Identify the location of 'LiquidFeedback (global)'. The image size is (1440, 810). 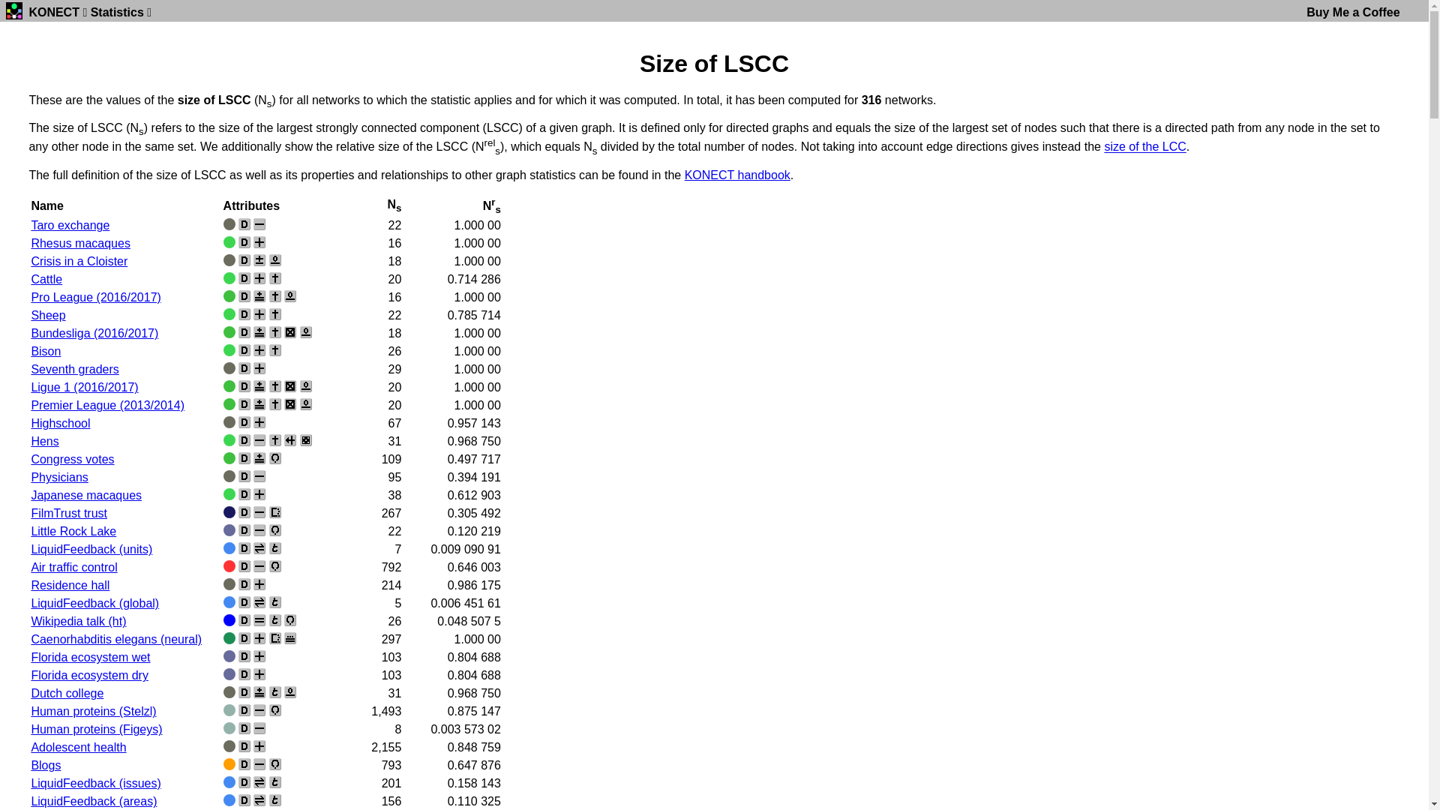
(94, 602).